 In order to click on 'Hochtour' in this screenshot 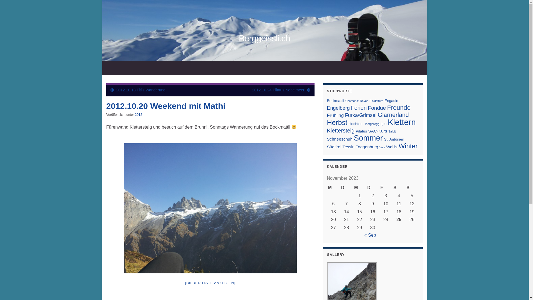, I will do `click(356, 123)`.